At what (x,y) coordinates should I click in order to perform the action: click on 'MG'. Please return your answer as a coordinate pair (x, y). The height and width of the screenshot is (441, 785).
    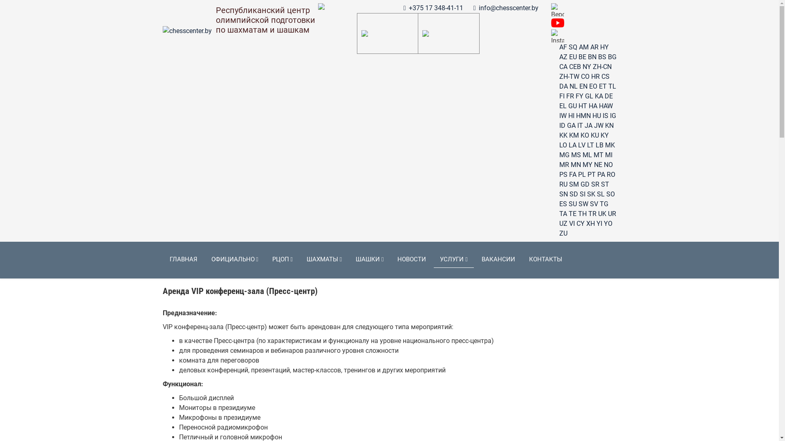
    Looking at the image, I should click on (564, 155).